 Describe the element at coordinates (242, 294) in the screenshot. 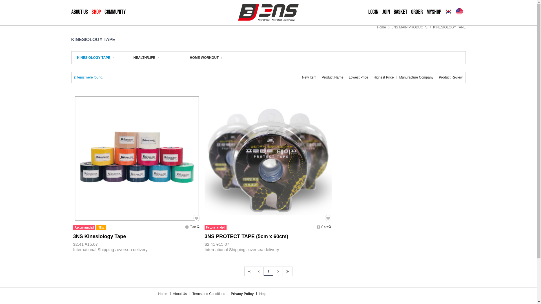

I see `'Privacy Policy'` at that location.